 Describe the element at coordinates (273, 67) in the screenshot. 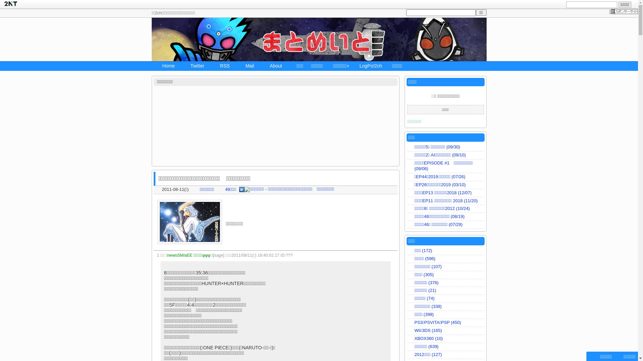

I see `'About'` at that location.